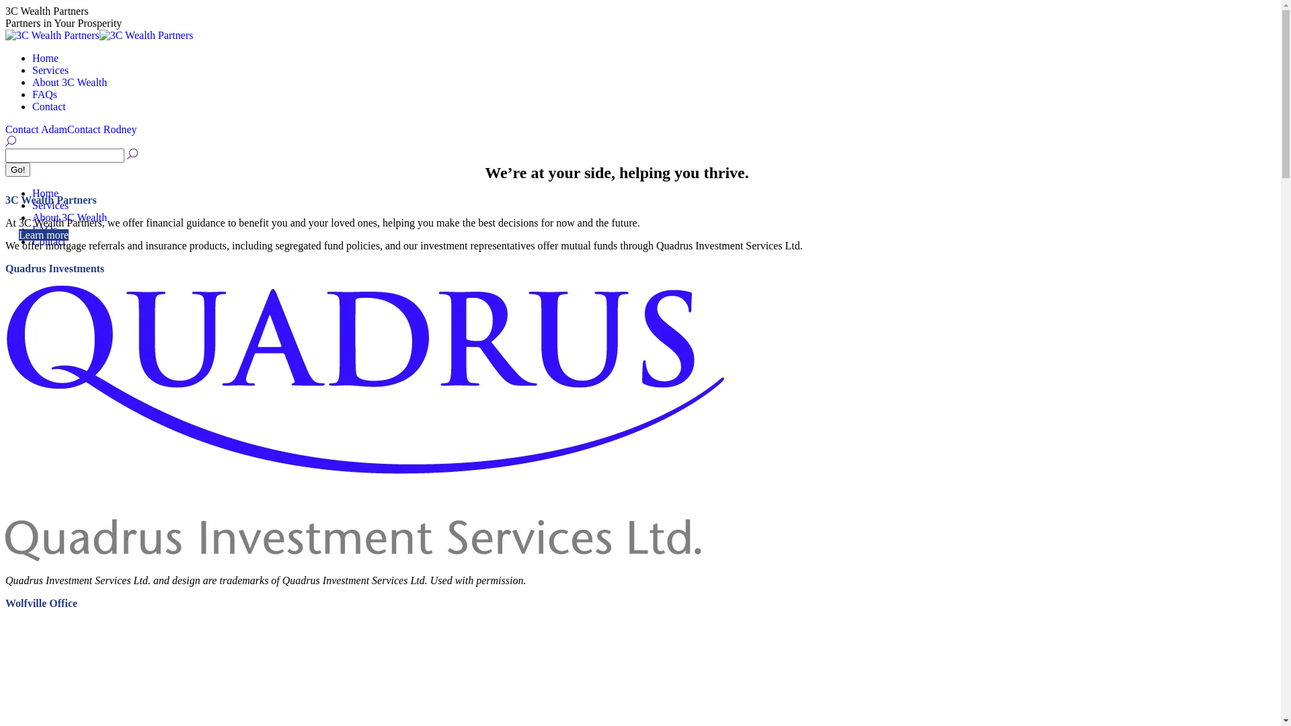 The height and width of the screenshot is (726, 1291). I want to click on 'About 3C Wealth', so click(69, 82).